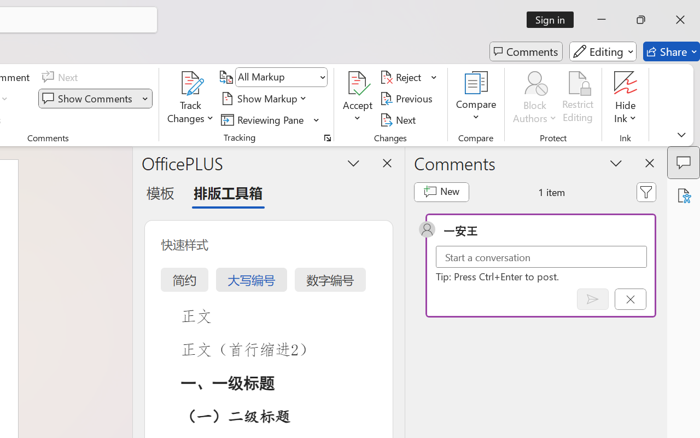 The width and height of the screenshot is (700, 438). I want to click on 'Track Changes', so click(191, 83).